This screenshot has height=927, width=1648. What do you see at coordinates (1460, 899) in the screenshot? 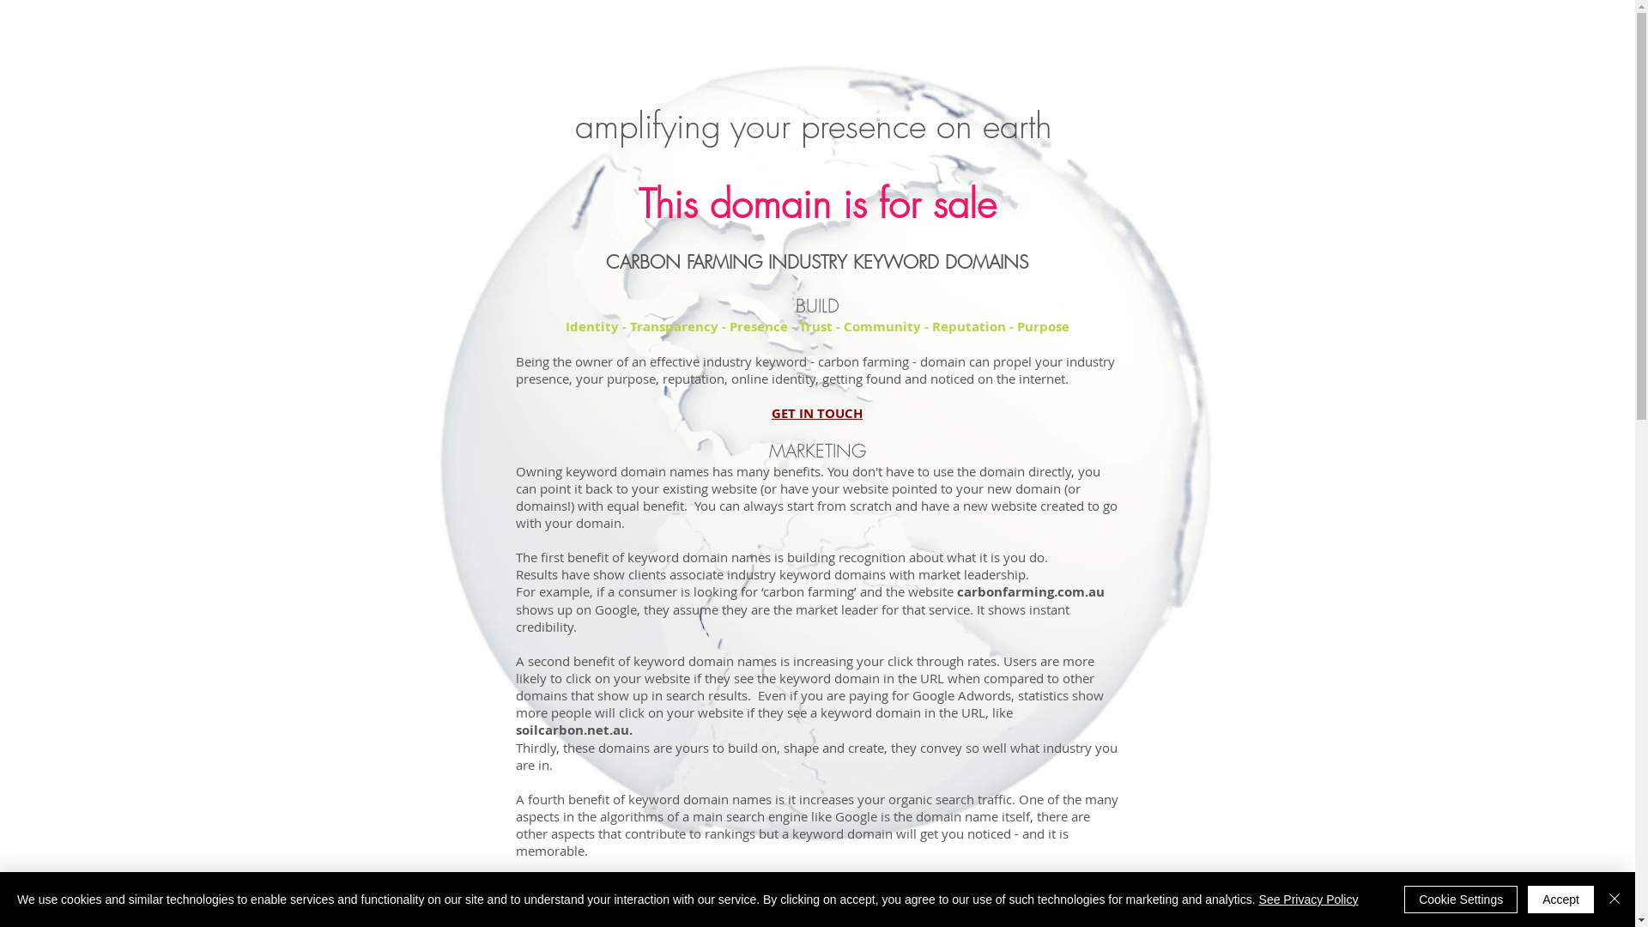
I see `'Cookie Settings'` at bounding box center [1460, 899].